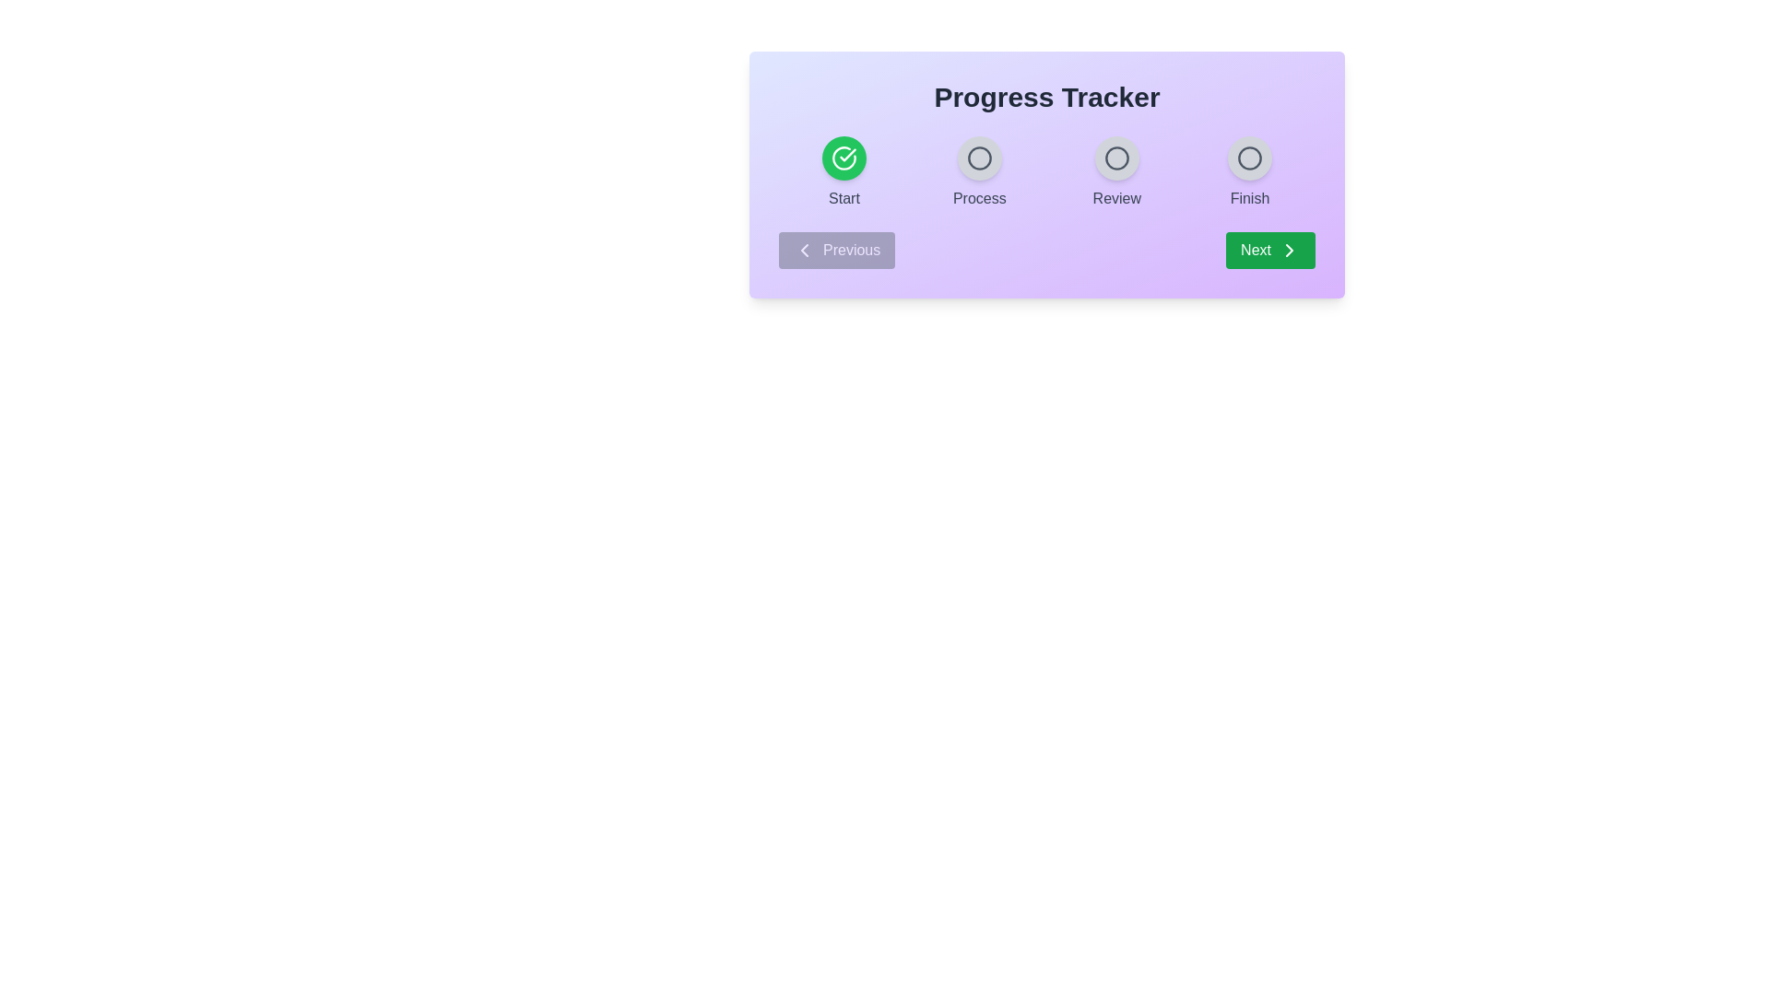  Describe the element at coordinates (1249, 158) in the screenshot. I see `the third circular icon from the left in the progress-tracking system, which is aligned with the text 'Finish' below it` at that location.